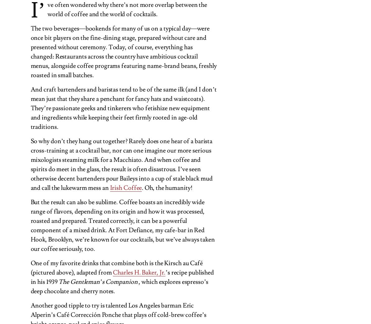 This screenshot has height=324, width=371. I want to click on '. Oh, the humanity!', so click(141, 188).